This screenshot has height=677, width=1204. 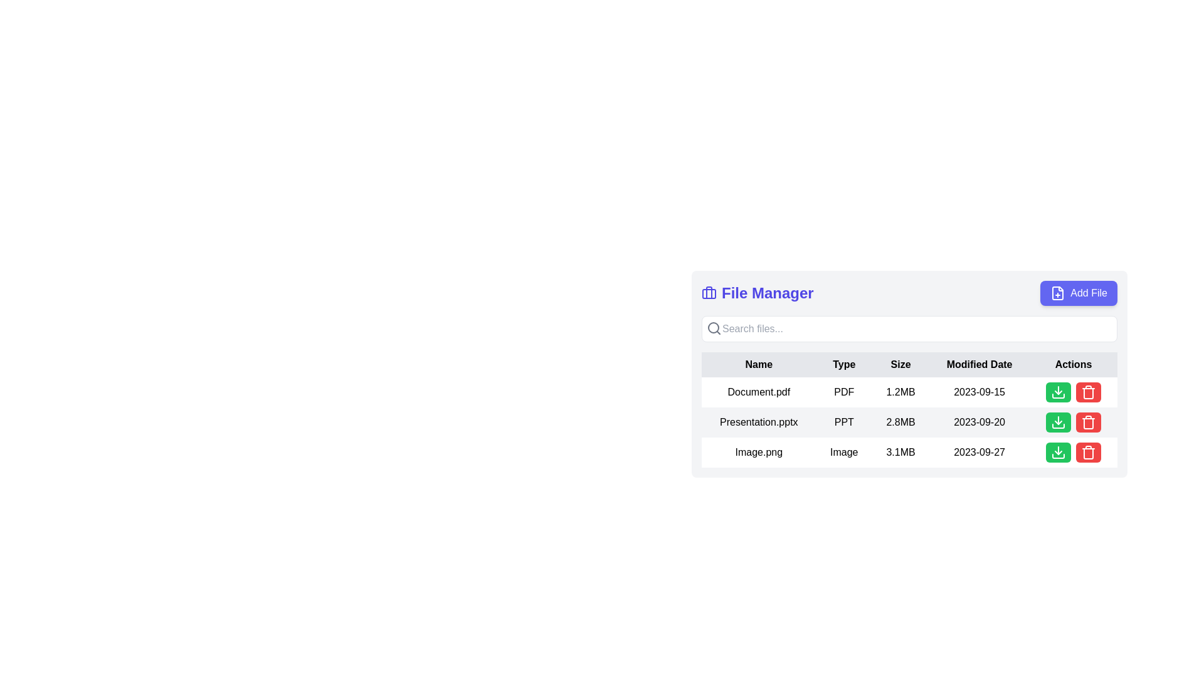 I want to click on the icon representing the action of adding a new file, which is located within the 'Add File' button in the top-right area of the interface, so click(x=1057, y=293).